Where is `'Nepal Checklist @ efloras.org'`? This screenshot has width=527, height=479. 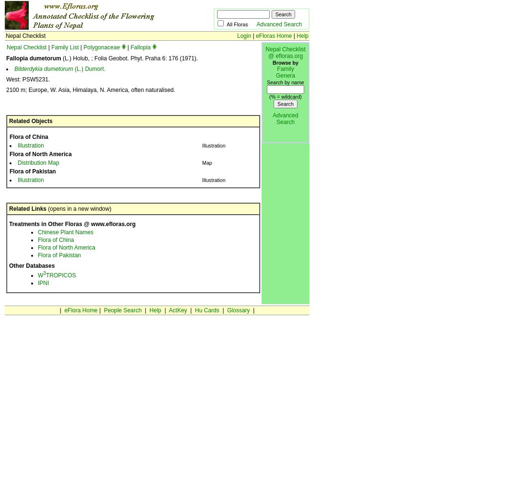
'Nepal Checklist @ efloras.org' is located at coordinates (285, 52).